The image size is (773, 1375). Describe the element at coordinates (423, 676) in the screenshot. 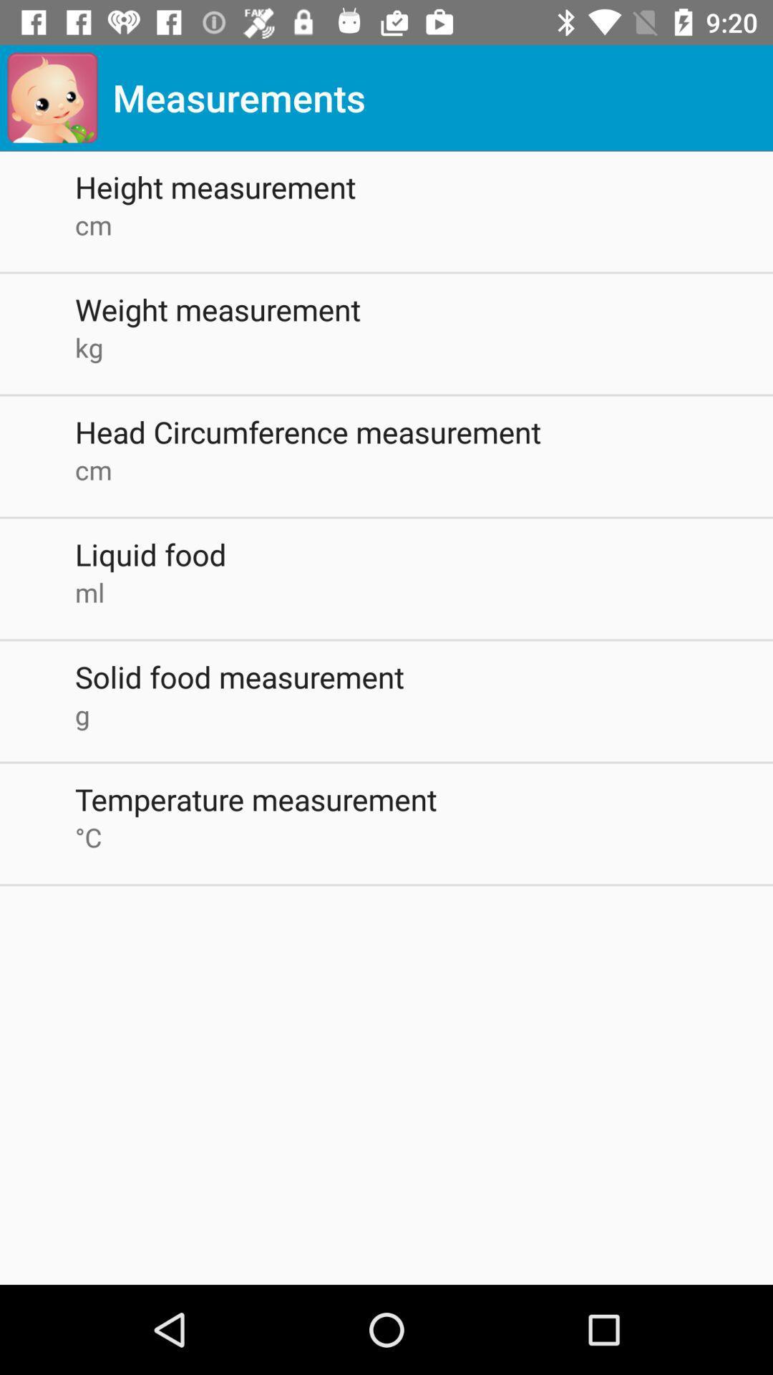

I see `solid food measurement app` at that location.